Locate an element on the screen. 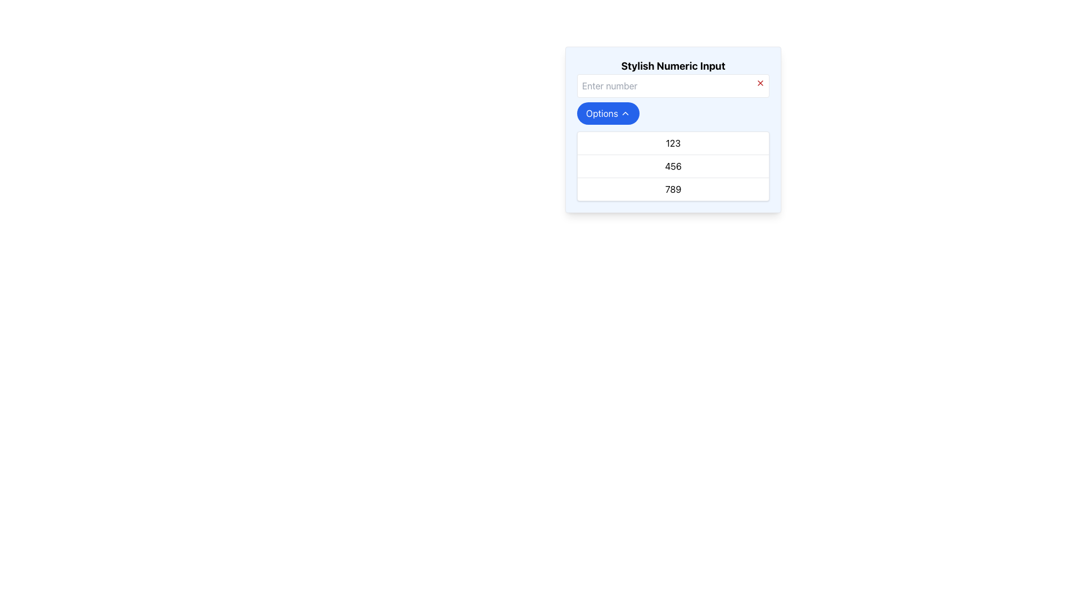  the first selectable option '123' in the dropdown menu is located at coordinates (673, 142).